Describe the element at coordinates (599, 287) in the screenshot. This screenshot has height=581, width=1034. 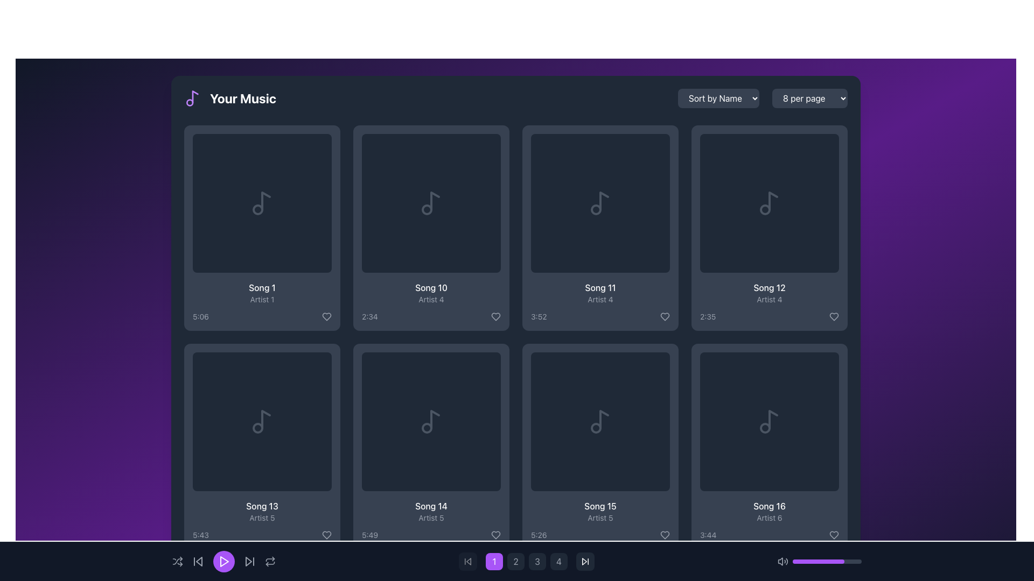
I see `the text label that serves as the title of the song on the third card in the first row, located below the album art and above the artist name 'Artist 4' and song duration '3:52'` at that location.